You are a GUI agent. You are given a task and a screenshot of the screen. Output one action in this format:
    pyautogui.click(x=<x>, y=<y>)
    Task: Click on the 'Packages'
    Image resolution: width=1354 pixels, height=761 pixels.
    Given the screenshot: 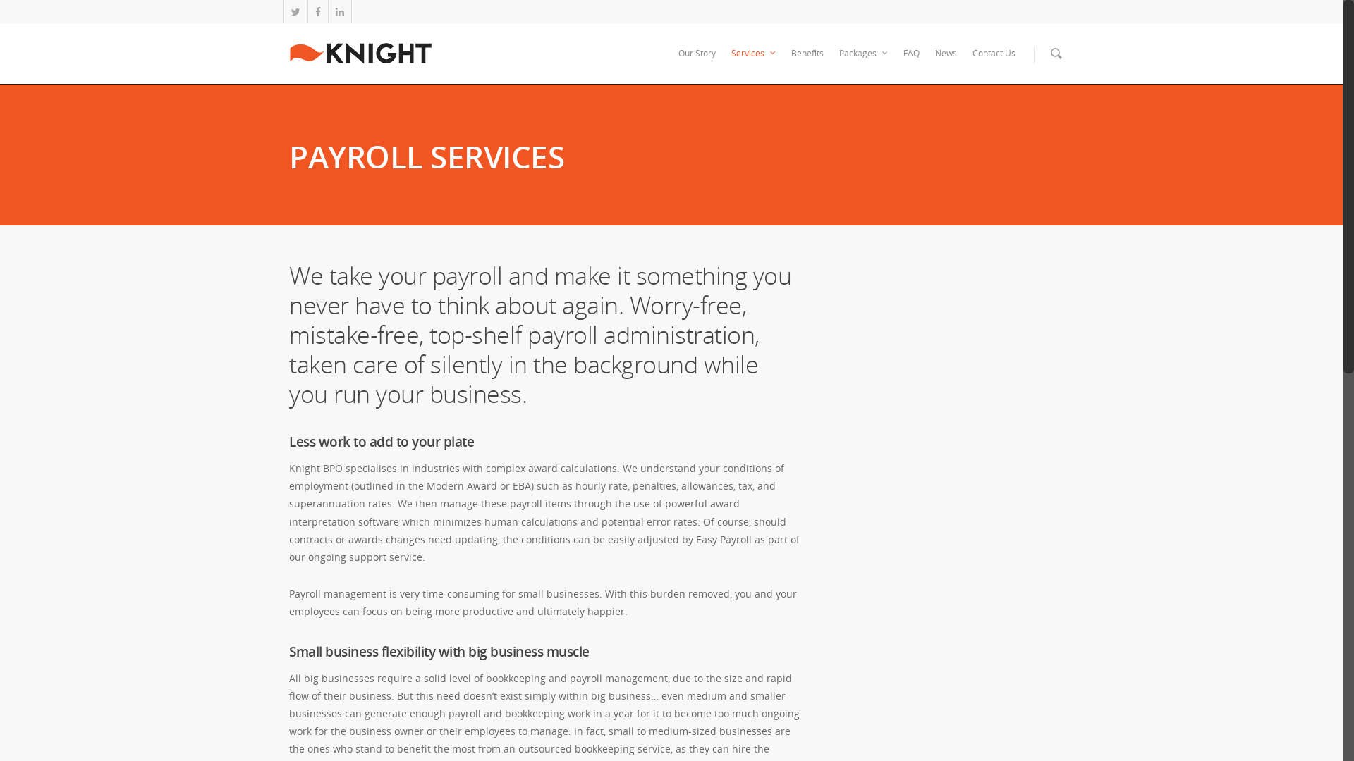 What is the action you would take?
    pyautogui.click(x=862, y=62)
    